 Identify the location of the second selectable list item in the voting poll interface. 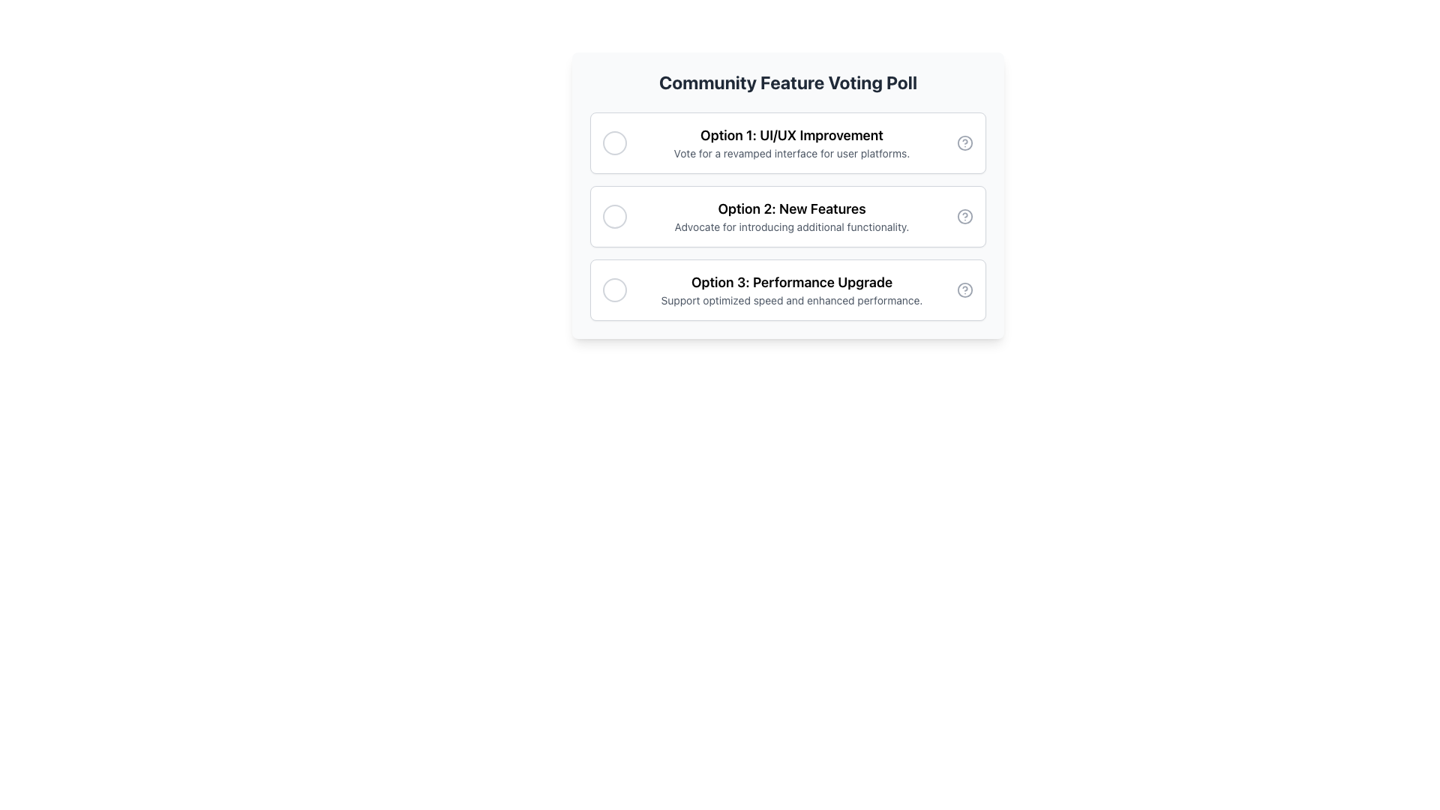
(787, 217).